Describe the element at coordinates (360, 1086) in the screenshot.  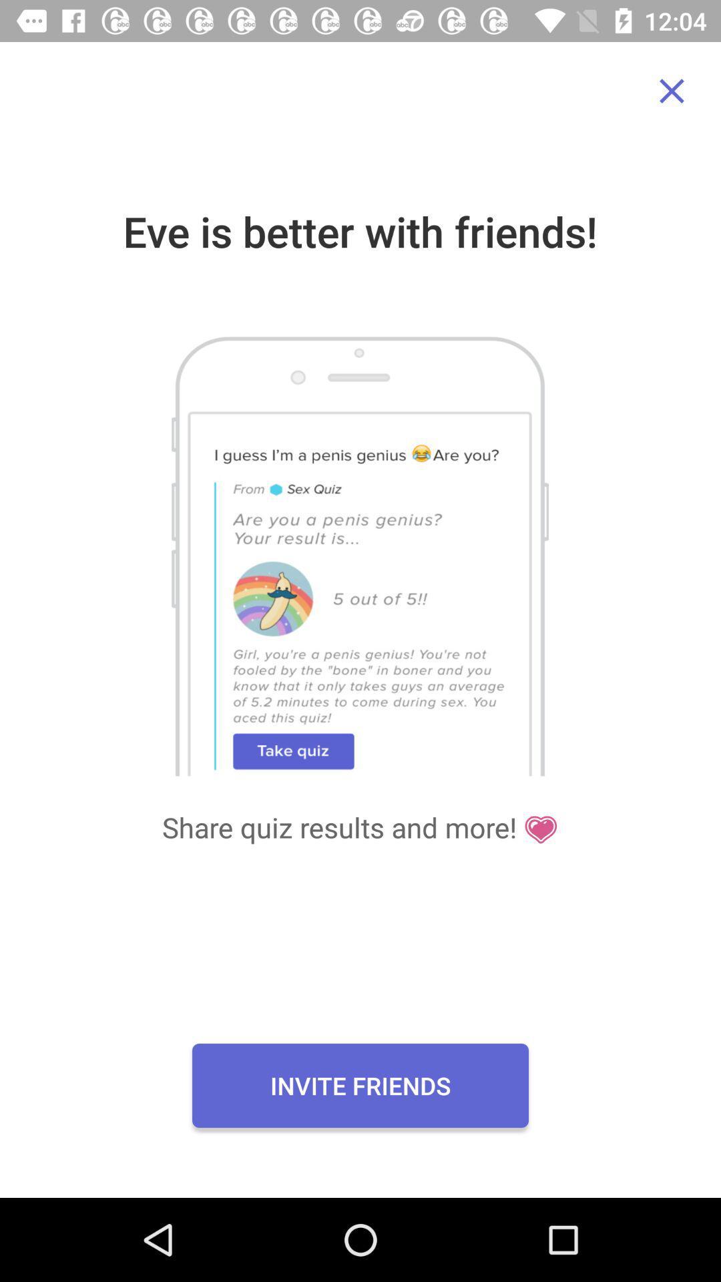
I see `the invite friends icon` at that location.